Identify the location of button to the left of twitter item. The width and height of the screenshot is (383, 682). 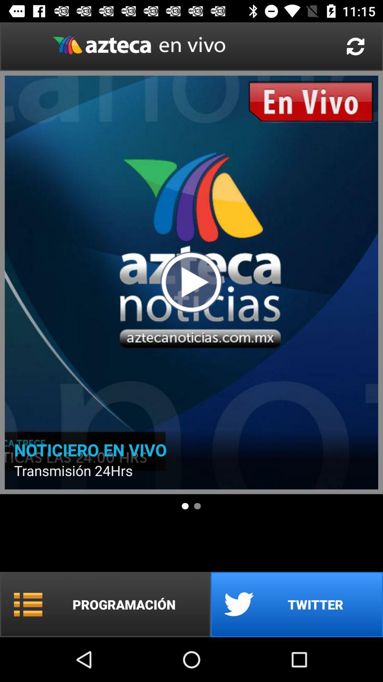
(105, 604).